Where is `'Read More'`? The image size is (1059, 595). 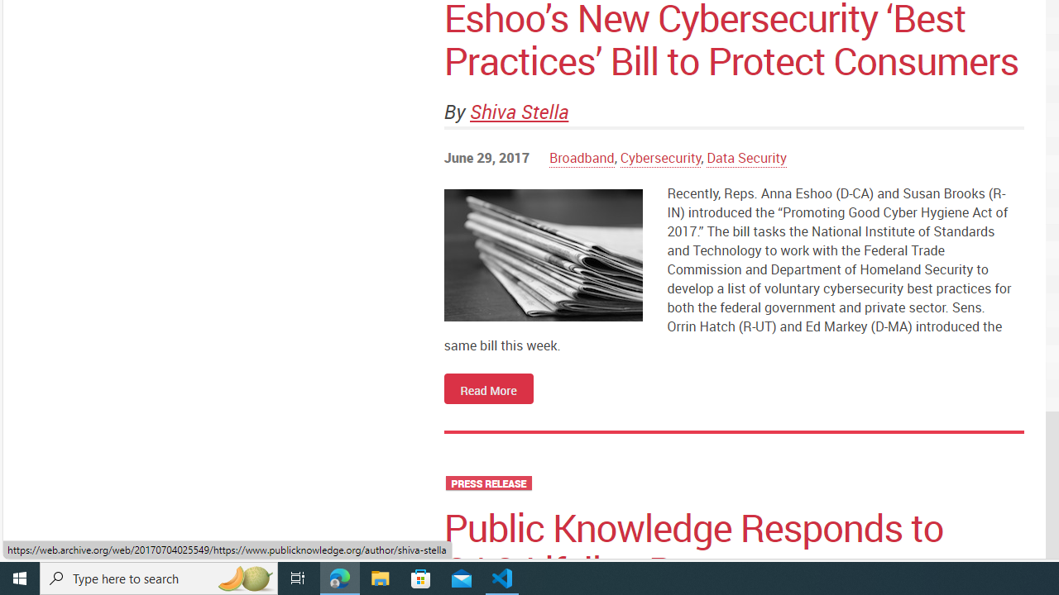 'Read More' is located at coordinates (487, 388).